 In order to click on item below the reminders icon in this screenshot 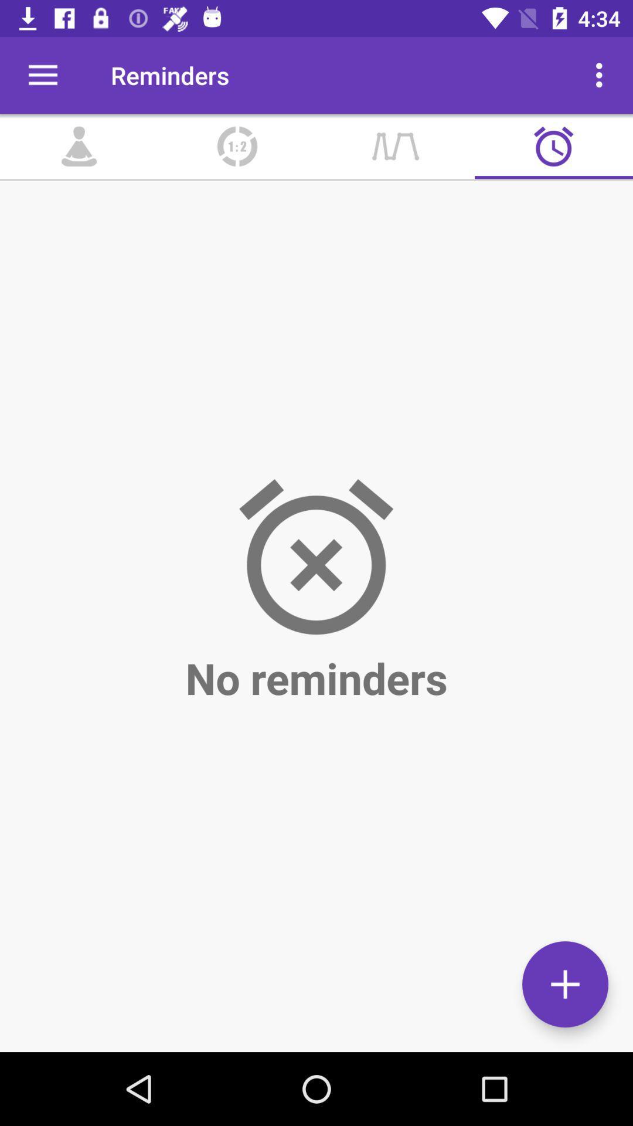, I will do `click(237, 145)`.